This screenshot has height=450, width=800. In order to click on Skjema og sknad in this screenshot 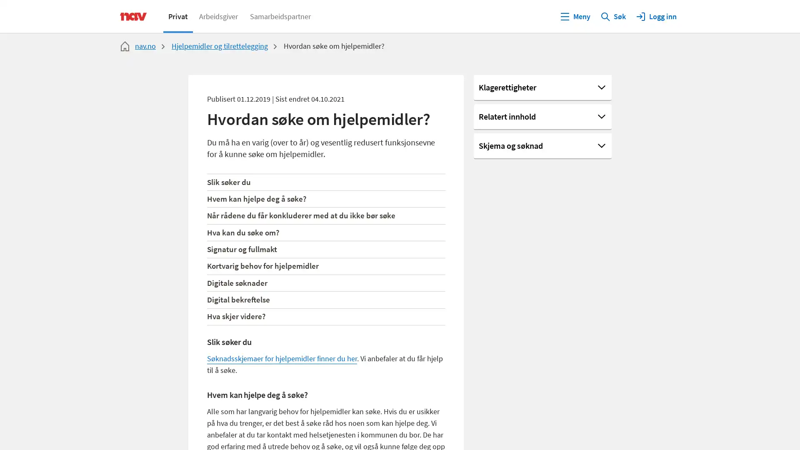, I will do `click(542, 146)`.